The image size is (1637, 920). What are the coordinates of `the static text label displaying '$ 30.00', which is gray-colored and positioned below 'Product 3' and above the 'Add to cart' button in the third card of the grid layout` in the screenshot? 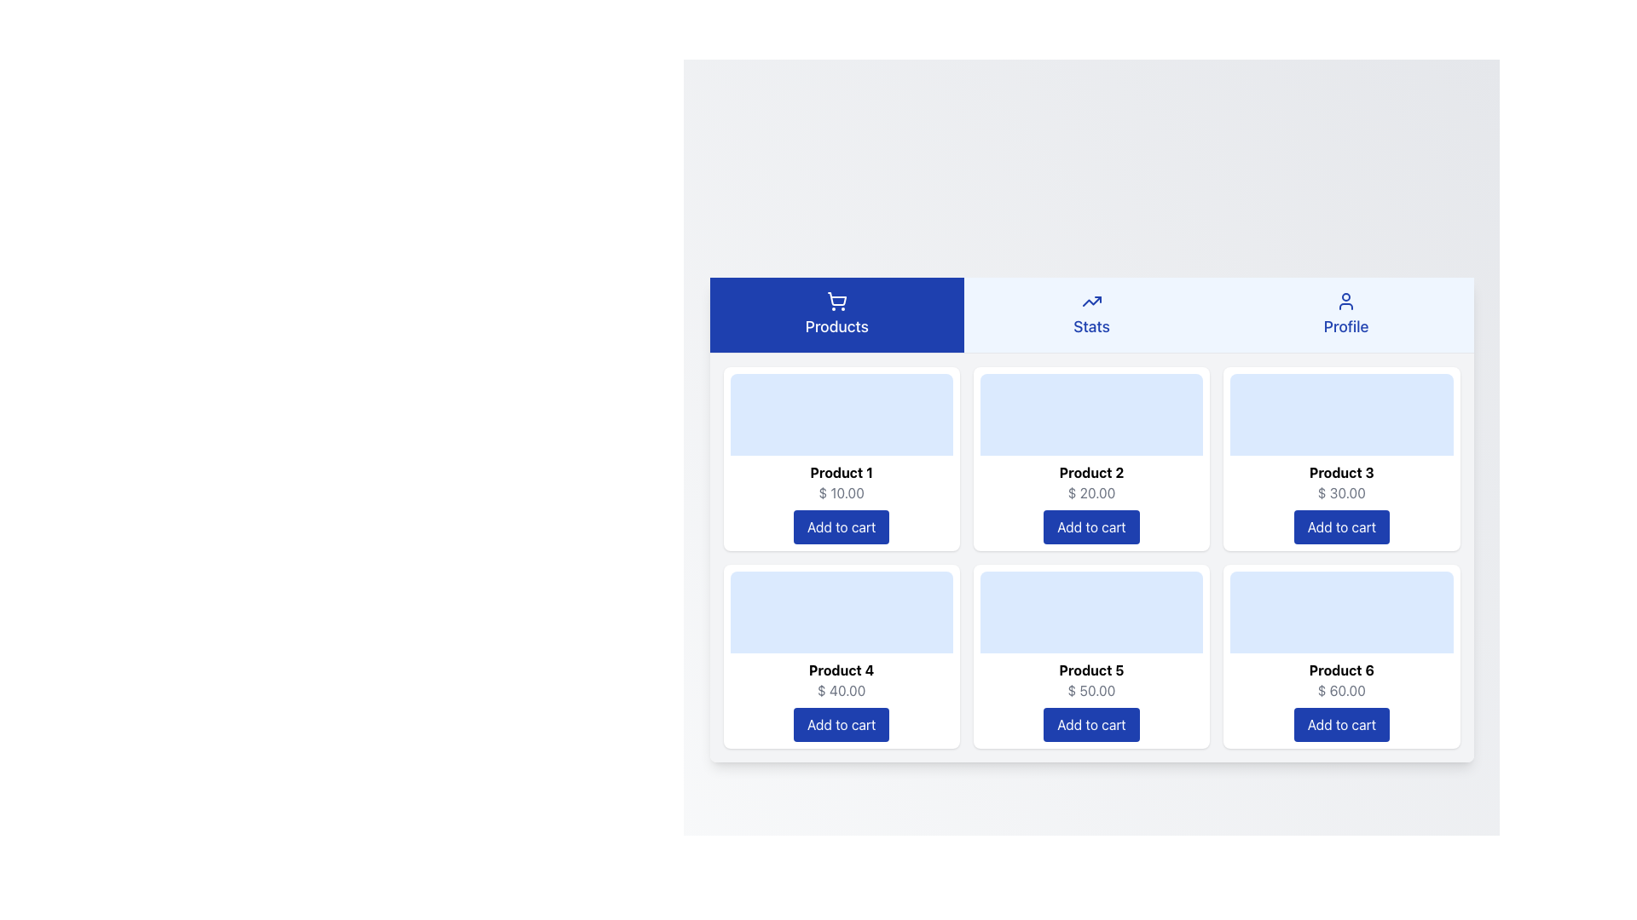 It's located at (1340, 492).